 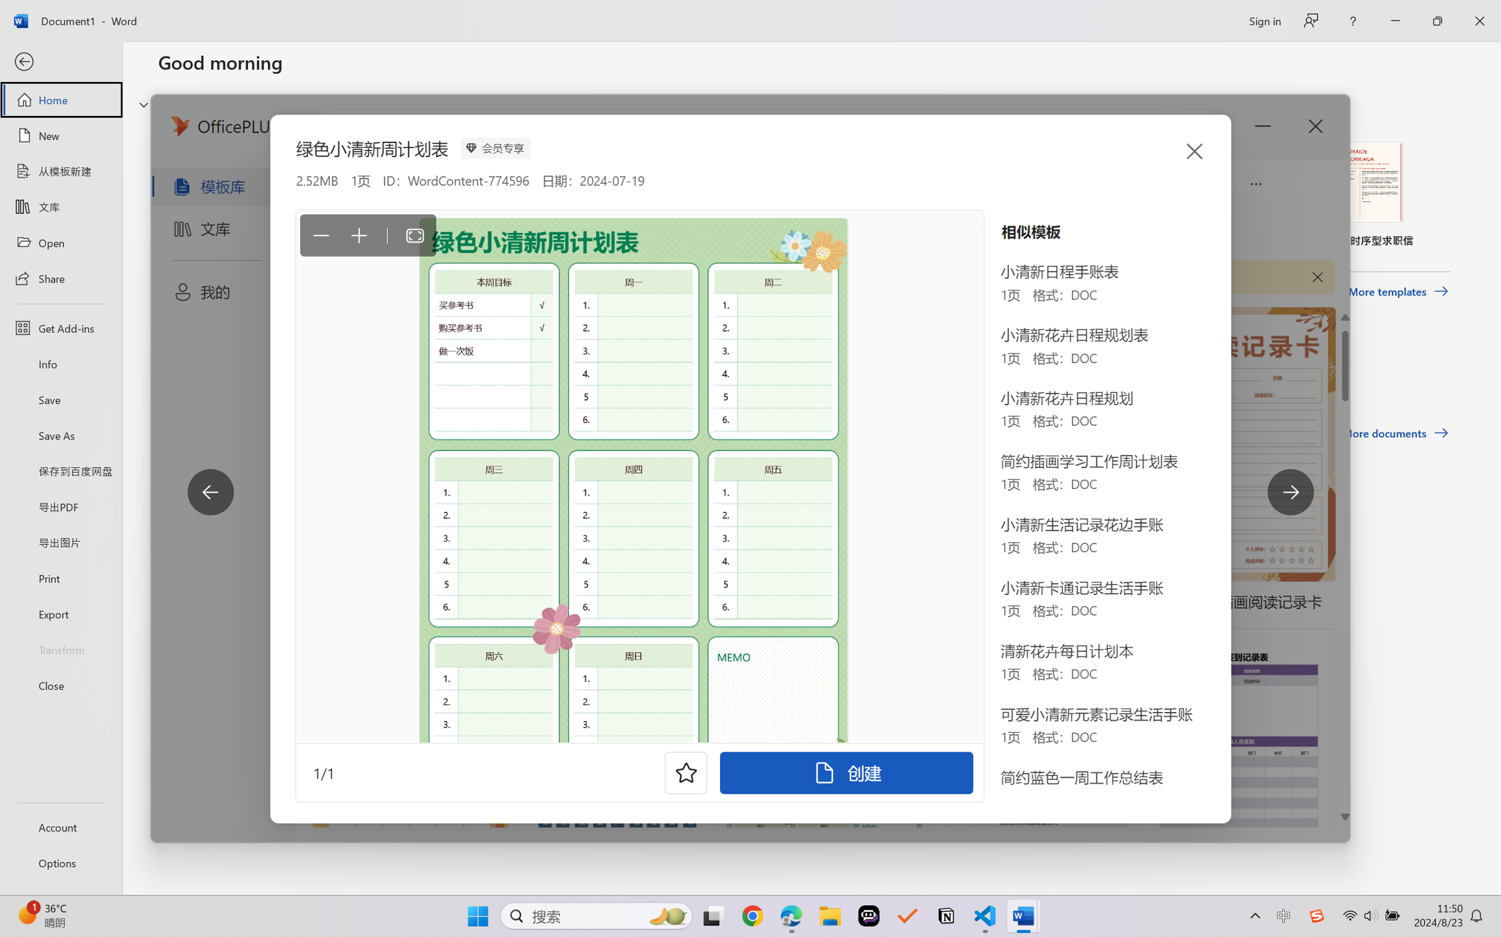 What do you see at coordinates (1395, 433) in the screenshot?
I see `'More documents'` at bounding box center [1395, 433].